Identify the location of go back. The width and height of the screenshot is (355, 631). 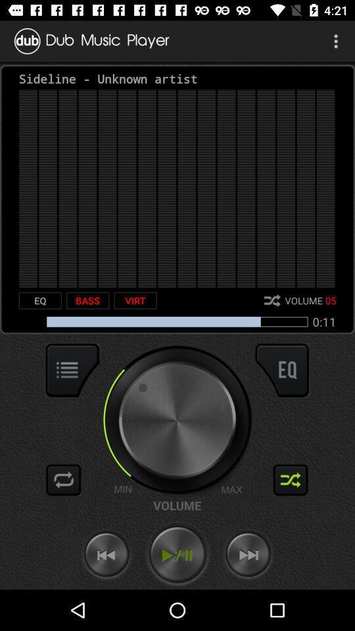
(106, 554).